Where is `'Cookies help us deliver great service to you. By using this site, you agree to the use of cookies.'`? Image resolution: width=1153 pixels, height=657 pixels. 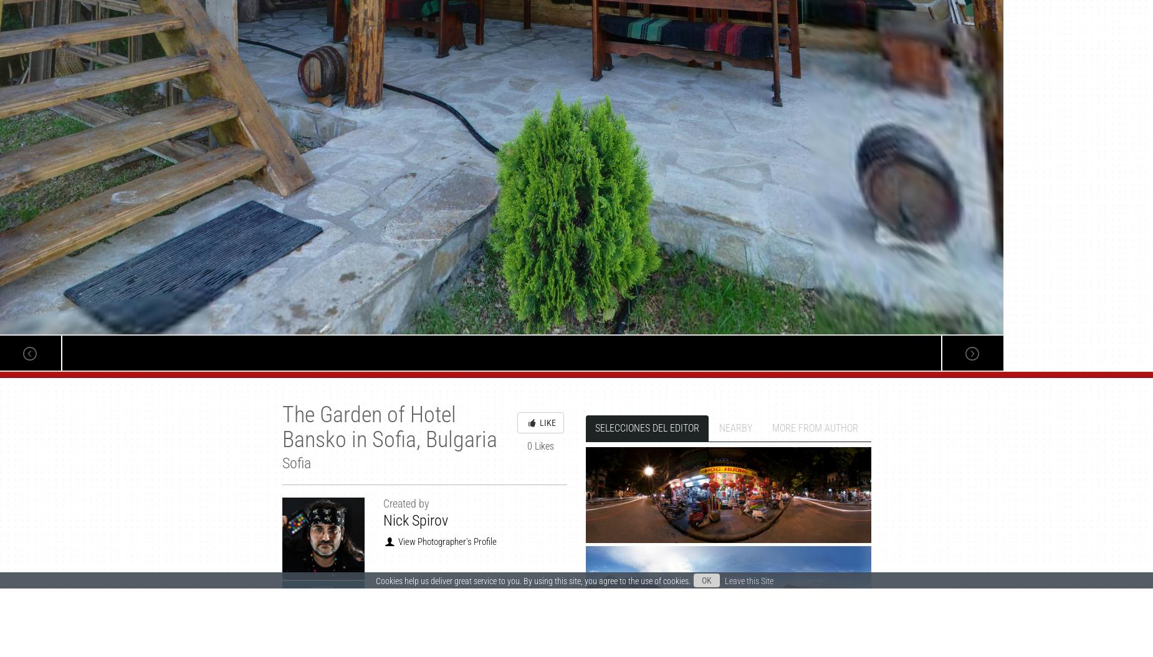 'Cookies help us deliver great service to you. By using this site, you agree to the use of cookies.' is located at coordinates (533, 580).